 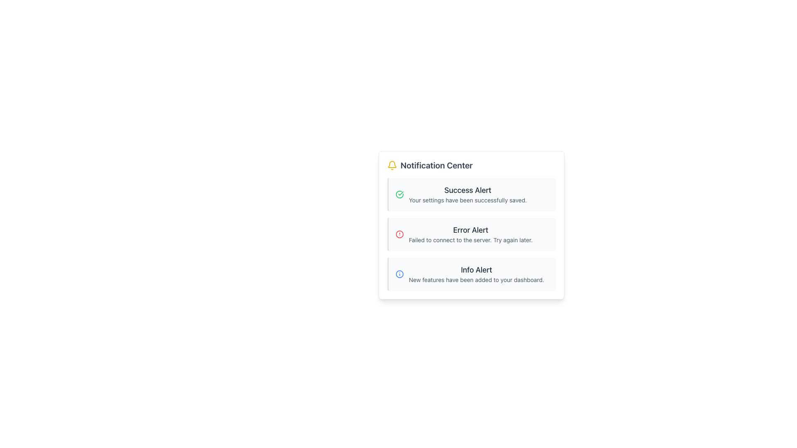 I want to click on text of the success notification header located in the Notification Center, so click(x=468, y=190).